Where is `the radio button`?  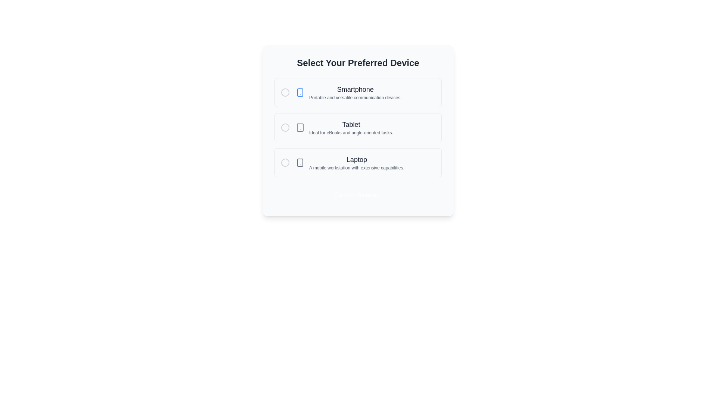
the radio button is located at coordinates (285, 92).